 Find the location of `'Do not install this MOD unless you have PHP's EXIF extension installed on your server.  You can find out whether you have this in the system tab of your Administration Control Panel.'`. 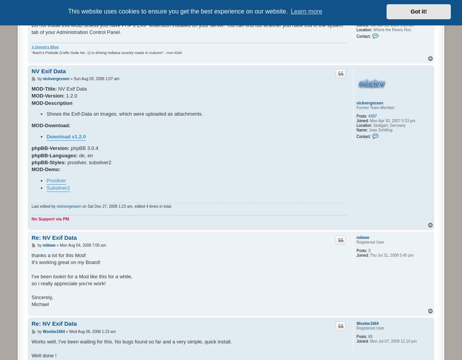

'Do not install this MOD unless you have PHP's EXIF extension installed on your server.  You can find out whether you have this in the system tab of your Administration Control Panel.' is located at coordinates (187, 29).